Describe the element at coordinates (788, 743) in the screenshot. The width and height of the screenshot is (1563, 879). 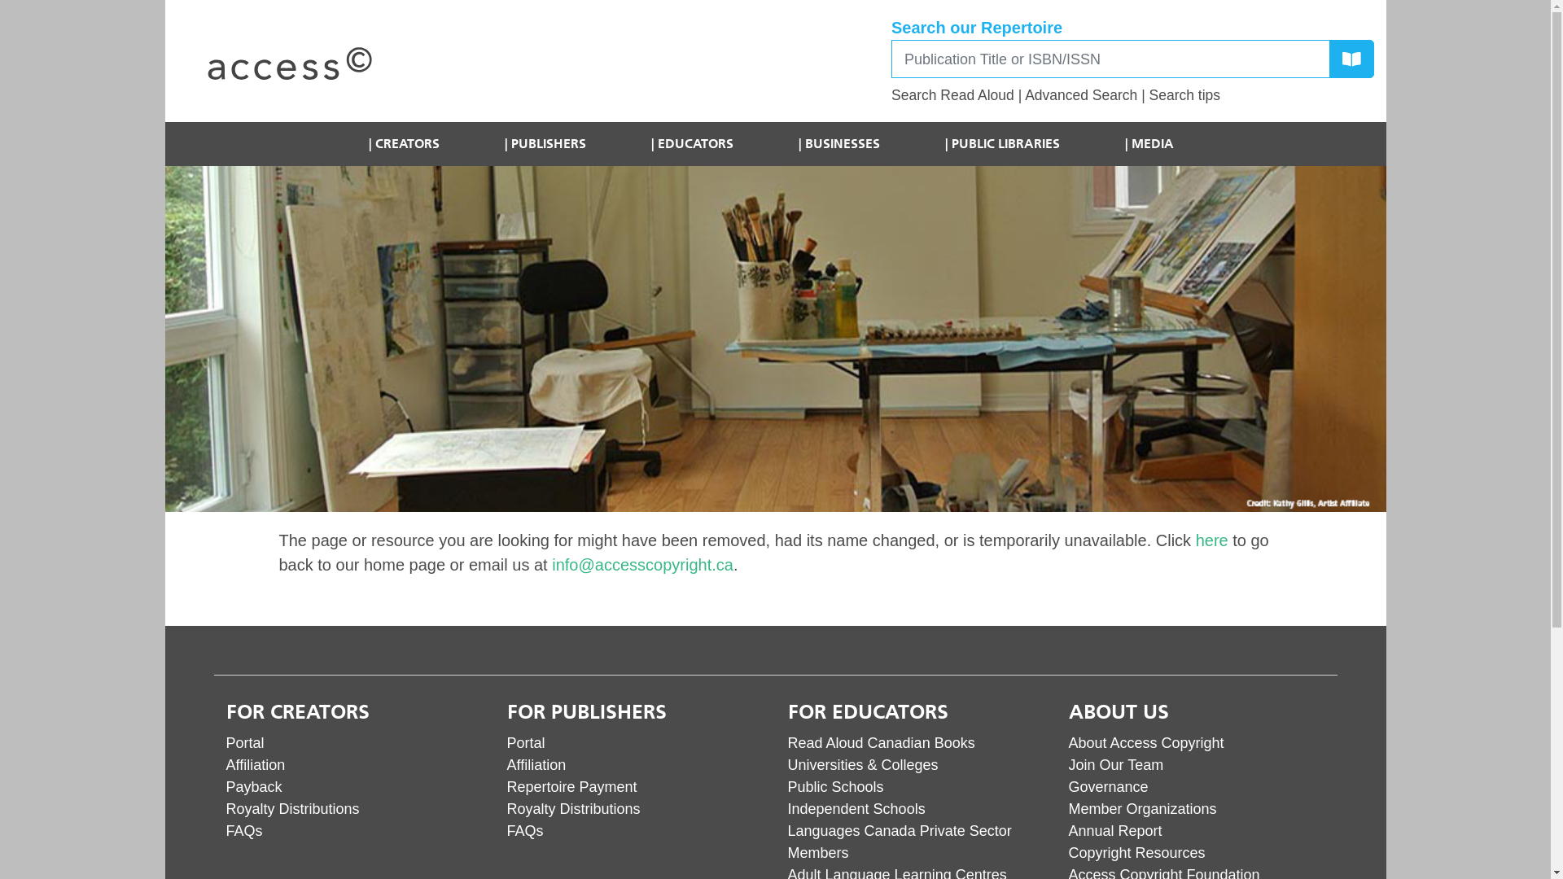
I see `'Read Aloud Canadian Books'` at that location.